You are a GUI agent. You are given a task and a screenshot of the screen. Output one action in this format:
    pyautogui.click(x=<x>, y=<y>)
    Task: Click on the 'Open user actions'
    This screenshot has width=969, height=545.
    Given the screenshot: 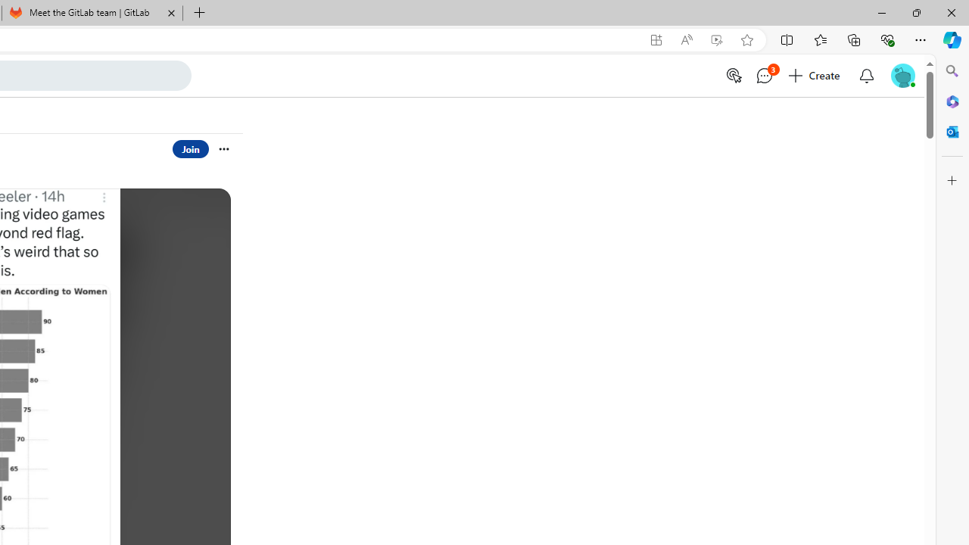 What is the action you would take?
    pyautogui.click(x=223, y=148)
    